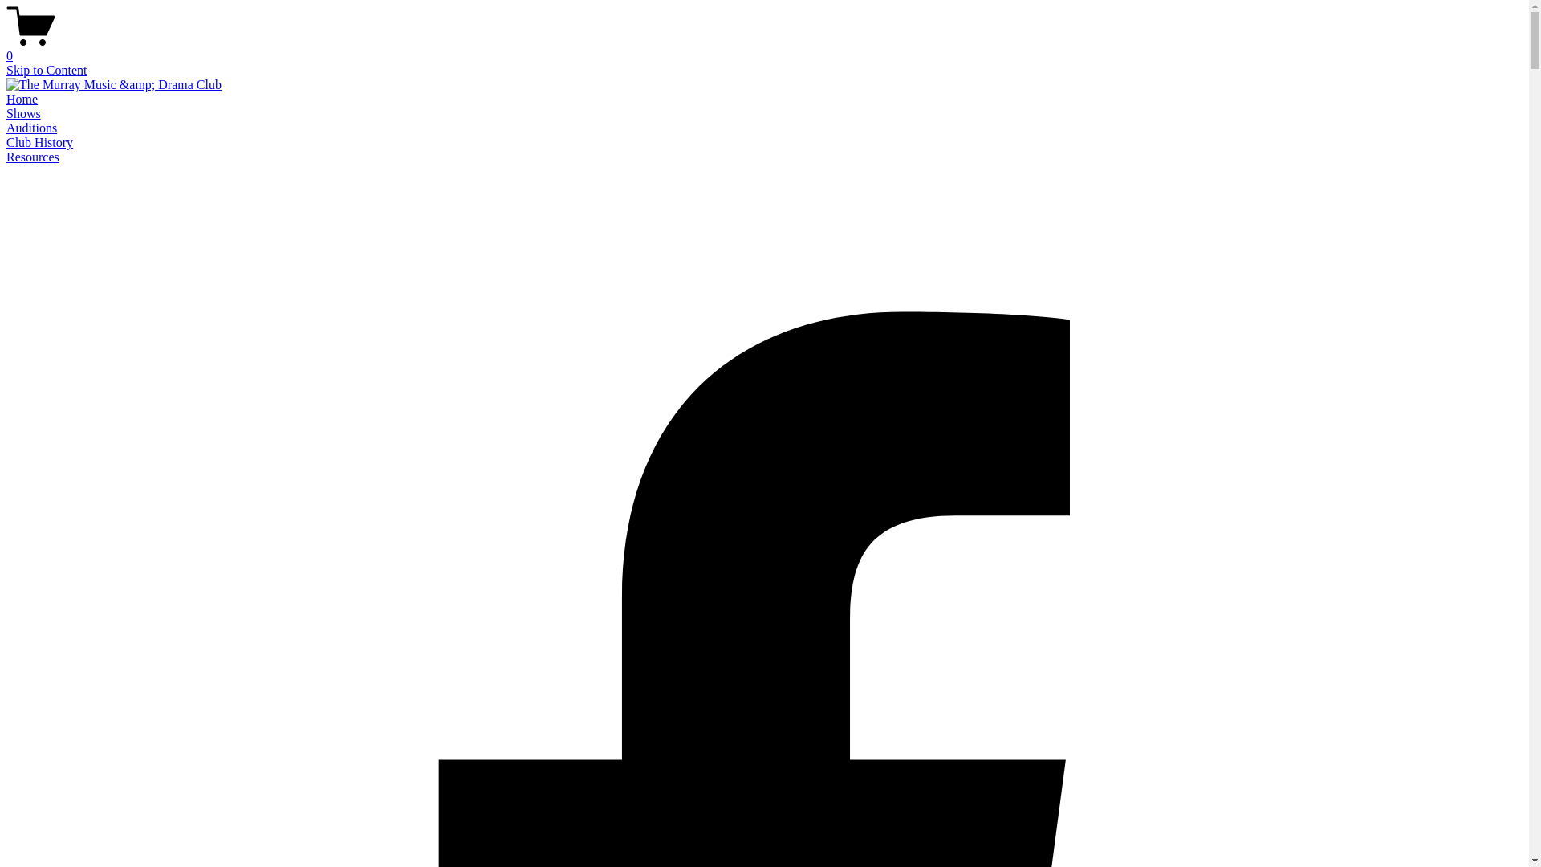 Image resolution: width=1541 pixels, height=867 pixels. What do you see at coordinates (39, 141) in the screenshot?
I see `'Club History'` at bounding box center [39, 141].